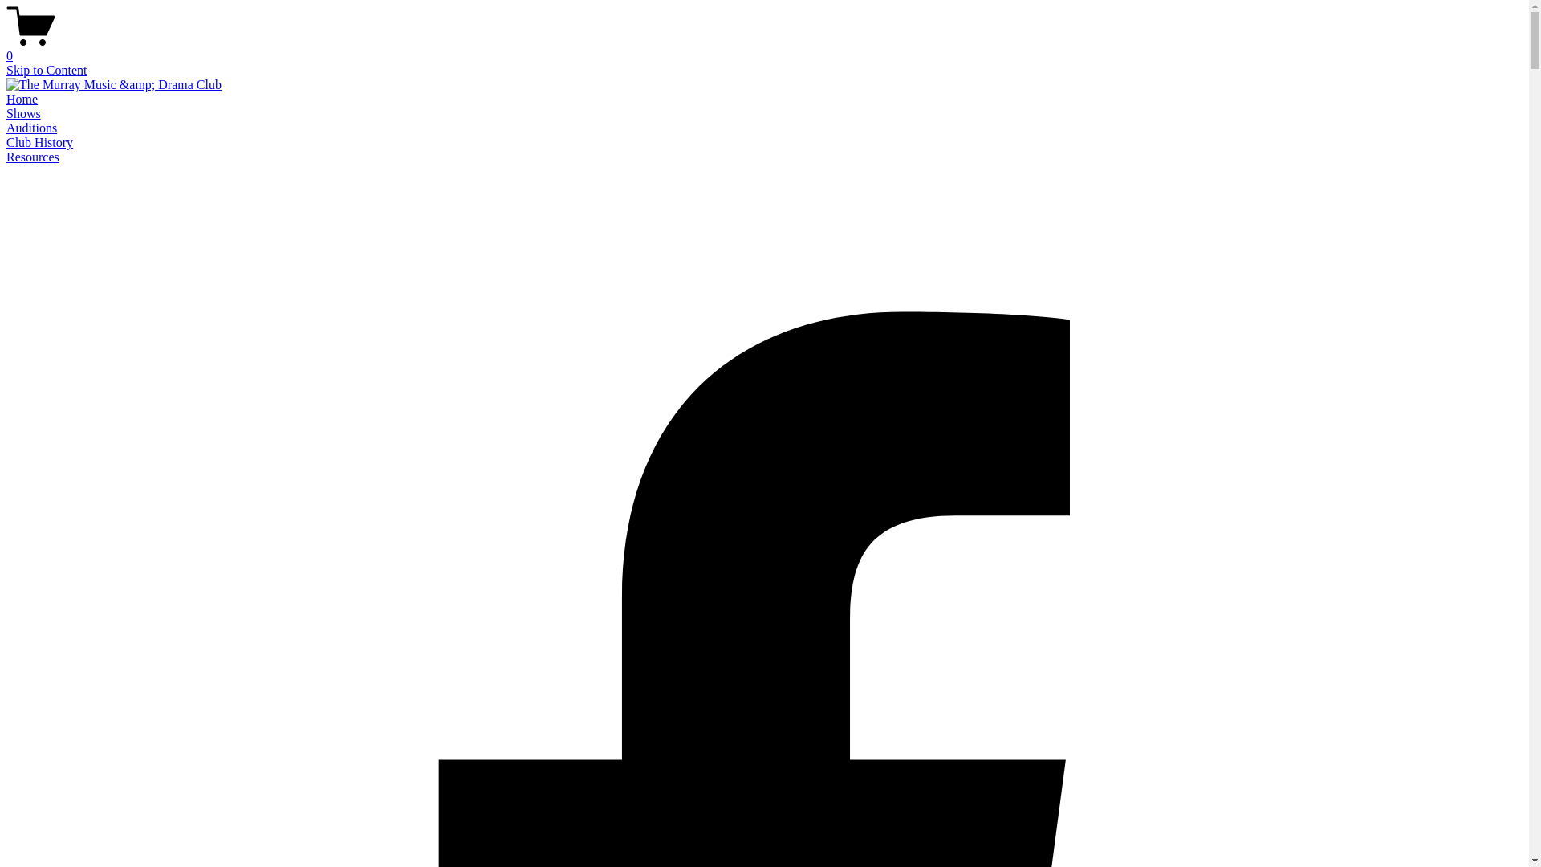 Image resolution: width=1541 pixels, height=867 pixels. What do you see at coordinates (39, 141) in the screenshot?
I see `'Club History'` at bounding box center [39, 141].